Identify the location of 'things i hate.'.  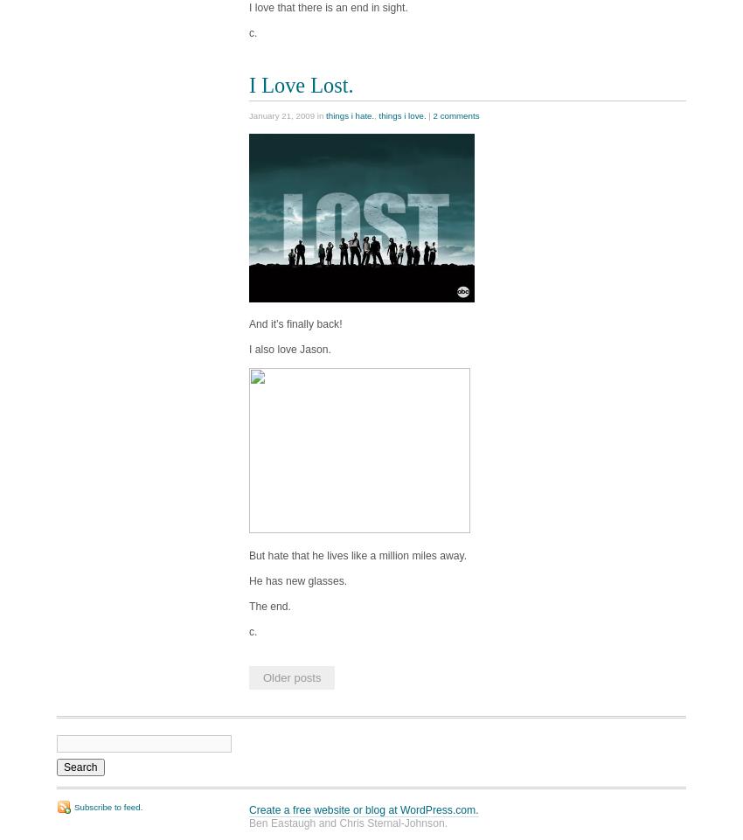
(350, 115).